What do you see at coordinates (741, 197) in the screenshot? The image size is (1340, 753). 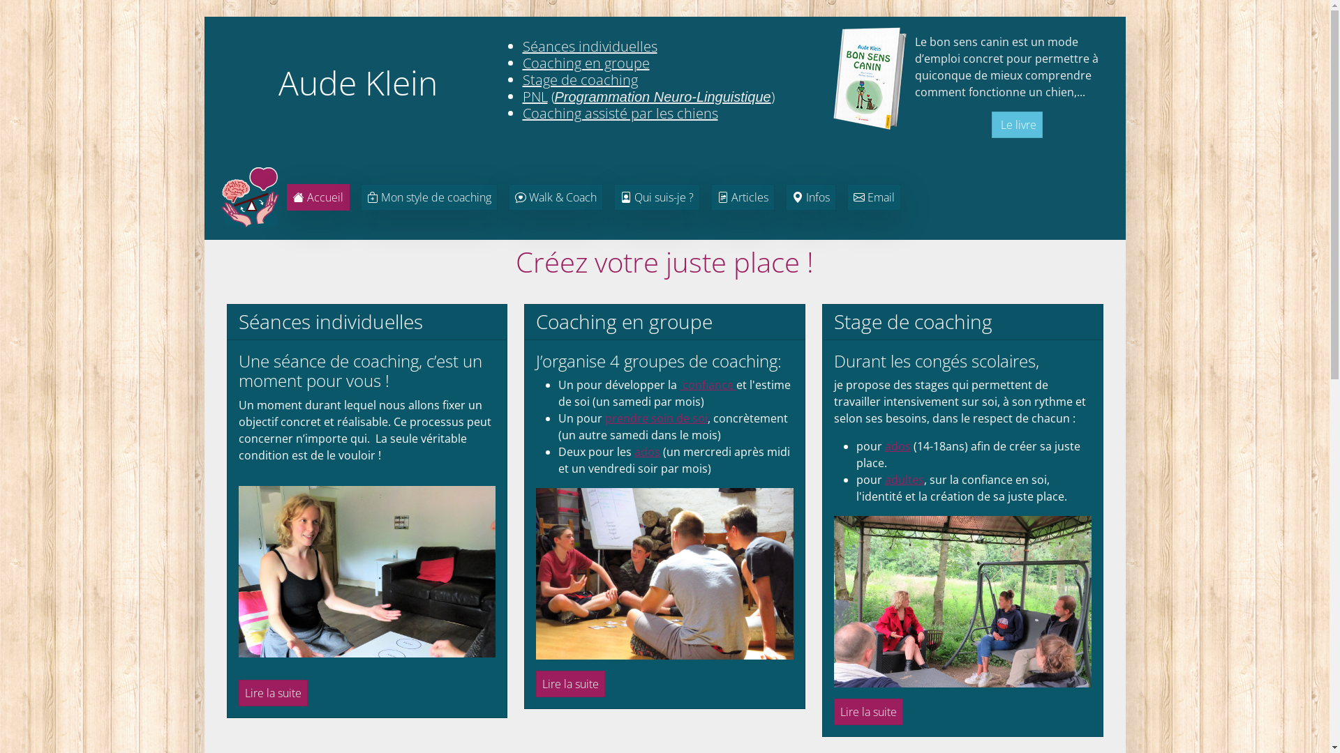 I see `'Articles'` at bounding box center [741, 197].